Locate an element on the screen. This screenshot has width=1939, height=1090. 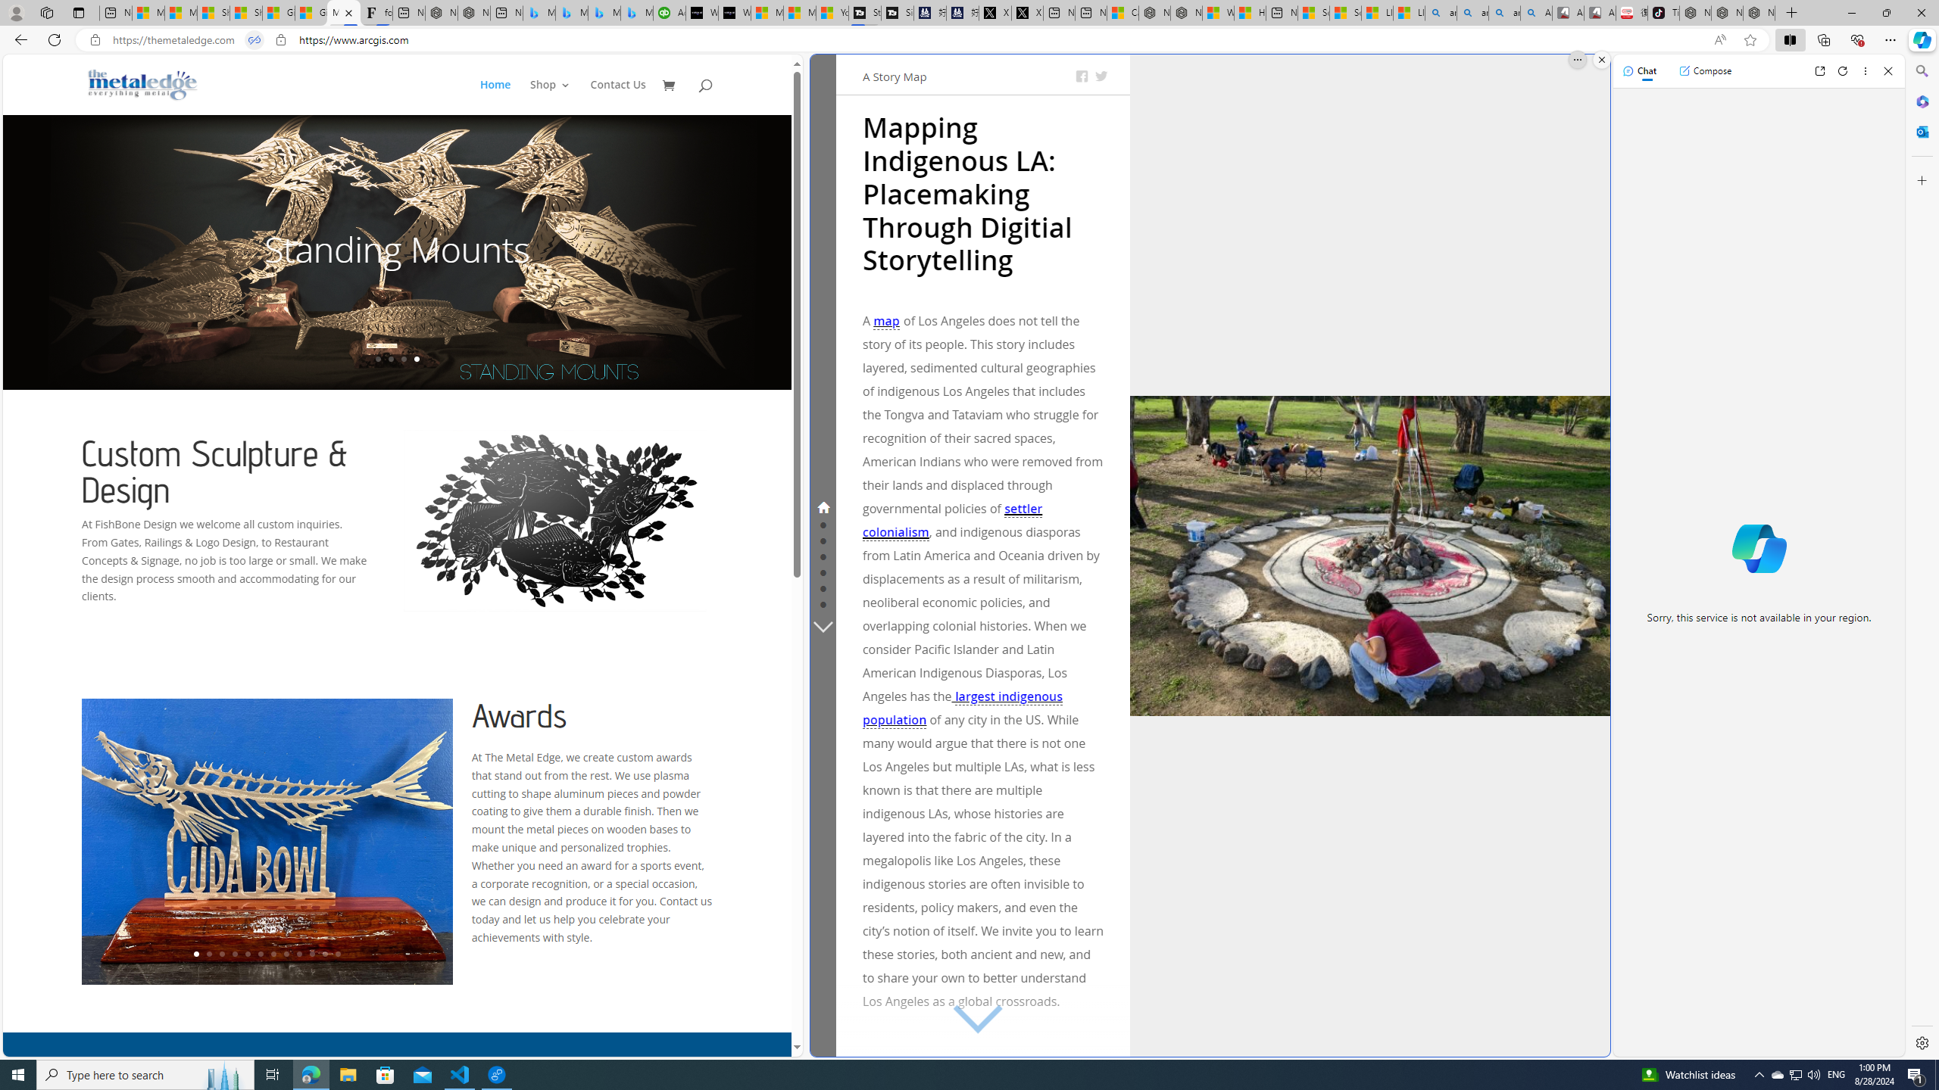
'Go to section 4: Kuruvungna ' is located at coordinates (822, 554).